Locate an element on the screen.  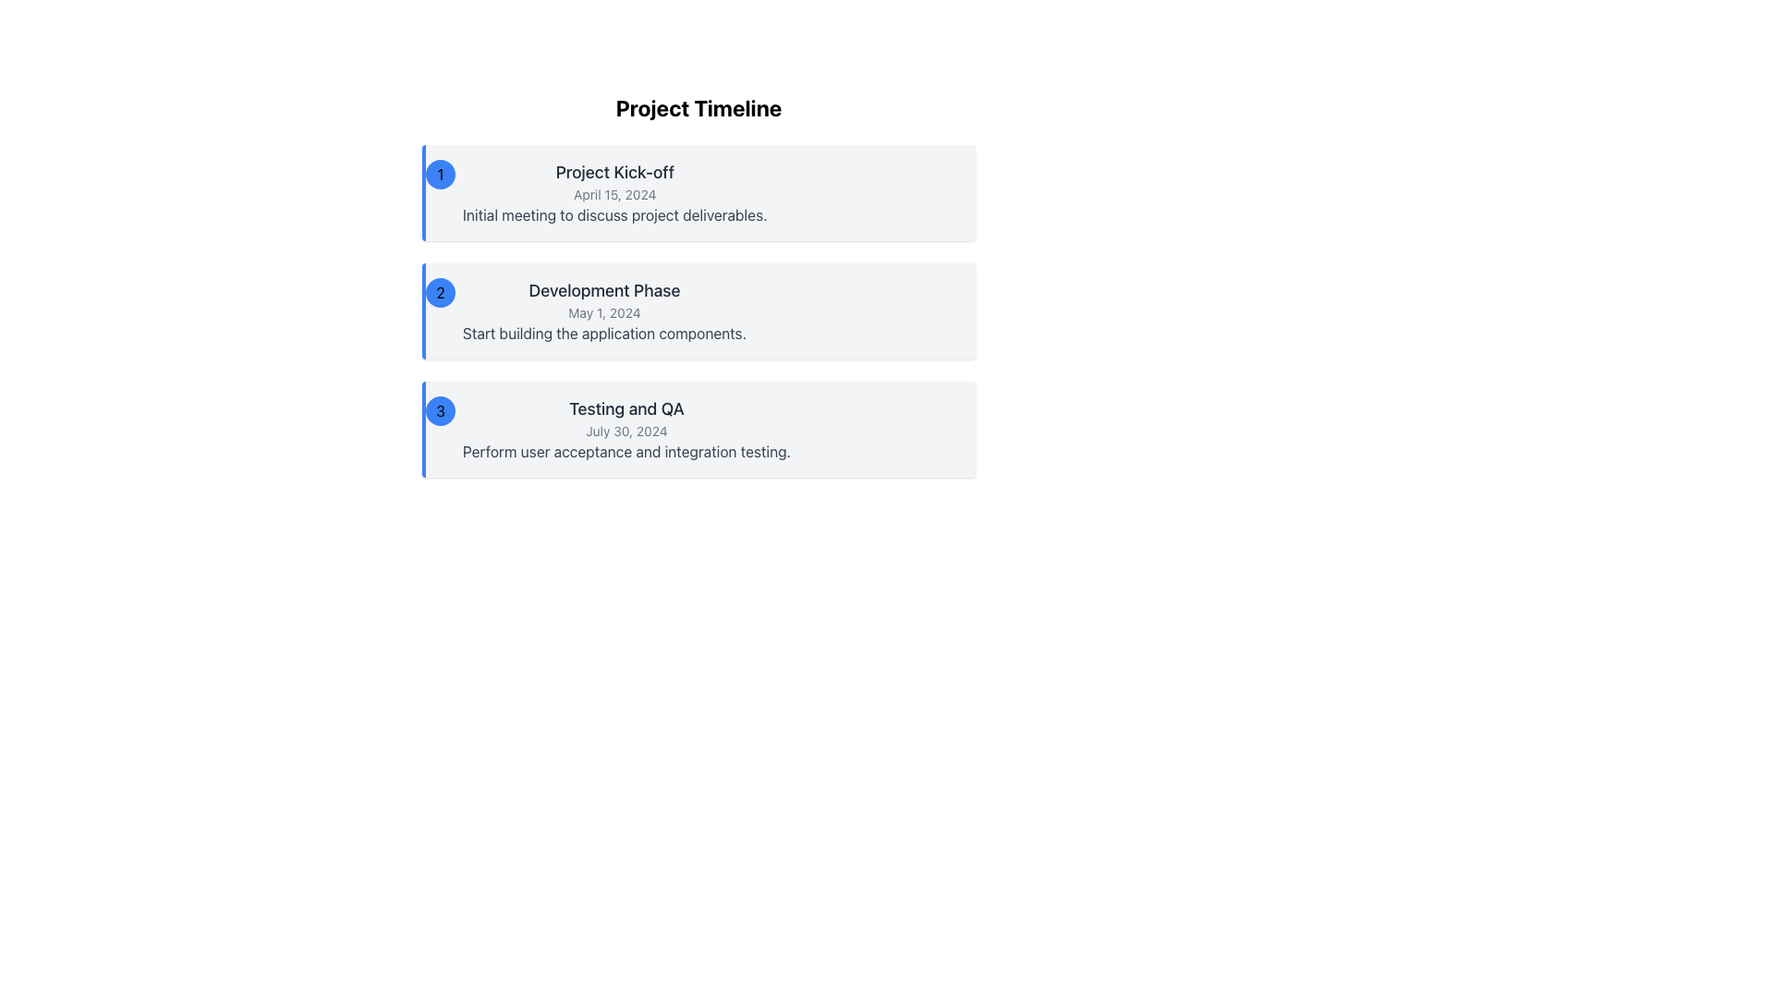
the Text Label that indicates the scheduled date for the project kick-off meeting, positioned below the 'Project Kick-off' heading and above the text 'Initial meeting to discuss project deliverables' is located at coordinates (614, 195).